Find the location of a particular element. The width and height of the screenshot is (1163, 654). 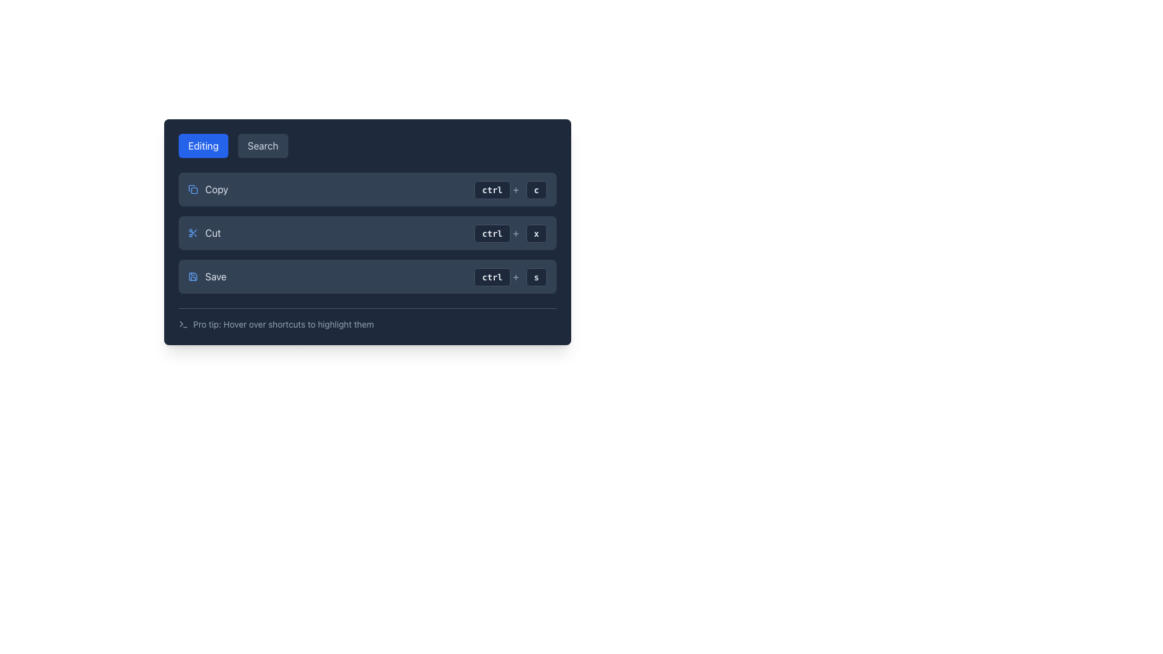

the save action indicator label with an associated icon, which is the third entry in the vertical list below 'Copy' and 'Cut' is located at coordinates (207, 276).